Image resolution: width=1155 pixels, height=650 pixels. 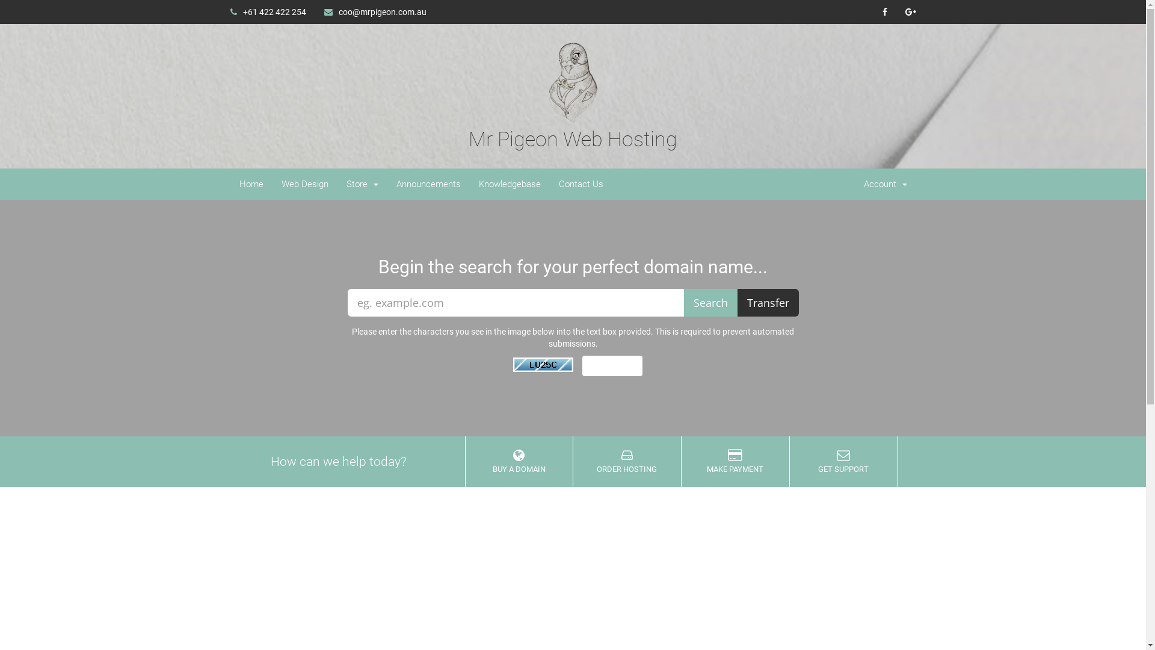 I want to click on 'Announcements', so click(x=428, y=184).